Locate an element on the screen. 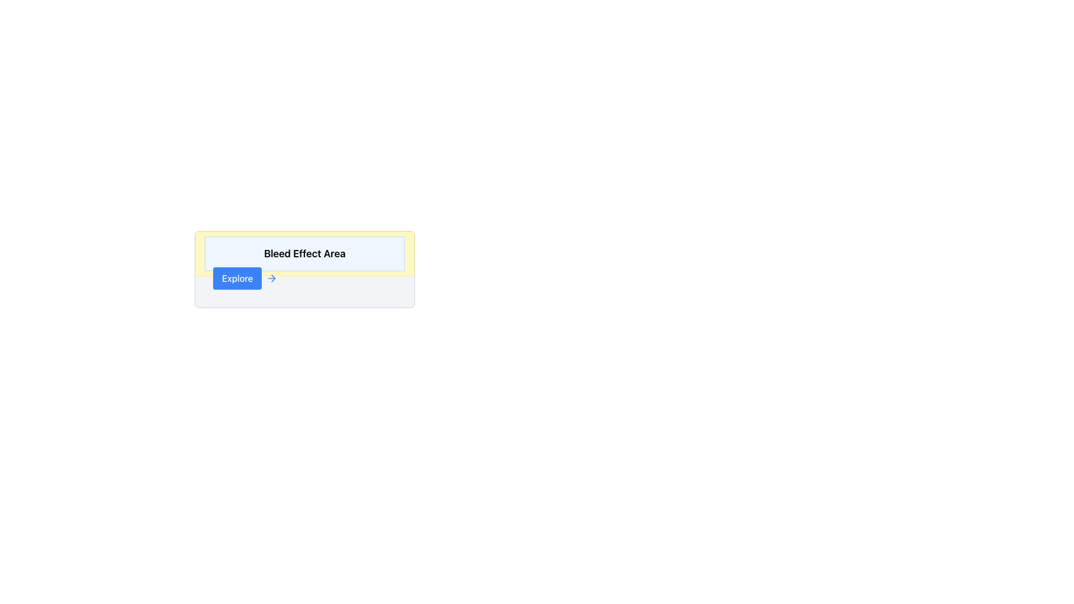 Image resolution: width=1074 pixels, height=604 pixels. the small, right-pointing arrow-shaped vector graphic icon that is part of an arrow icon located slightly to the right of the 'Explore' button is located at coordinates (274, 277).